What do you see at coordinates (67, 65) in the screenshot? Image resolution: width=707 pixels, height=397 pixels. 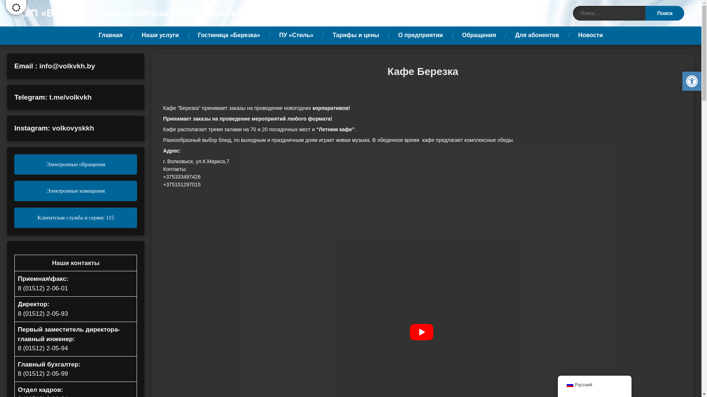 I see `'info@volkvkh.by'` at bounding box center [67, 65].